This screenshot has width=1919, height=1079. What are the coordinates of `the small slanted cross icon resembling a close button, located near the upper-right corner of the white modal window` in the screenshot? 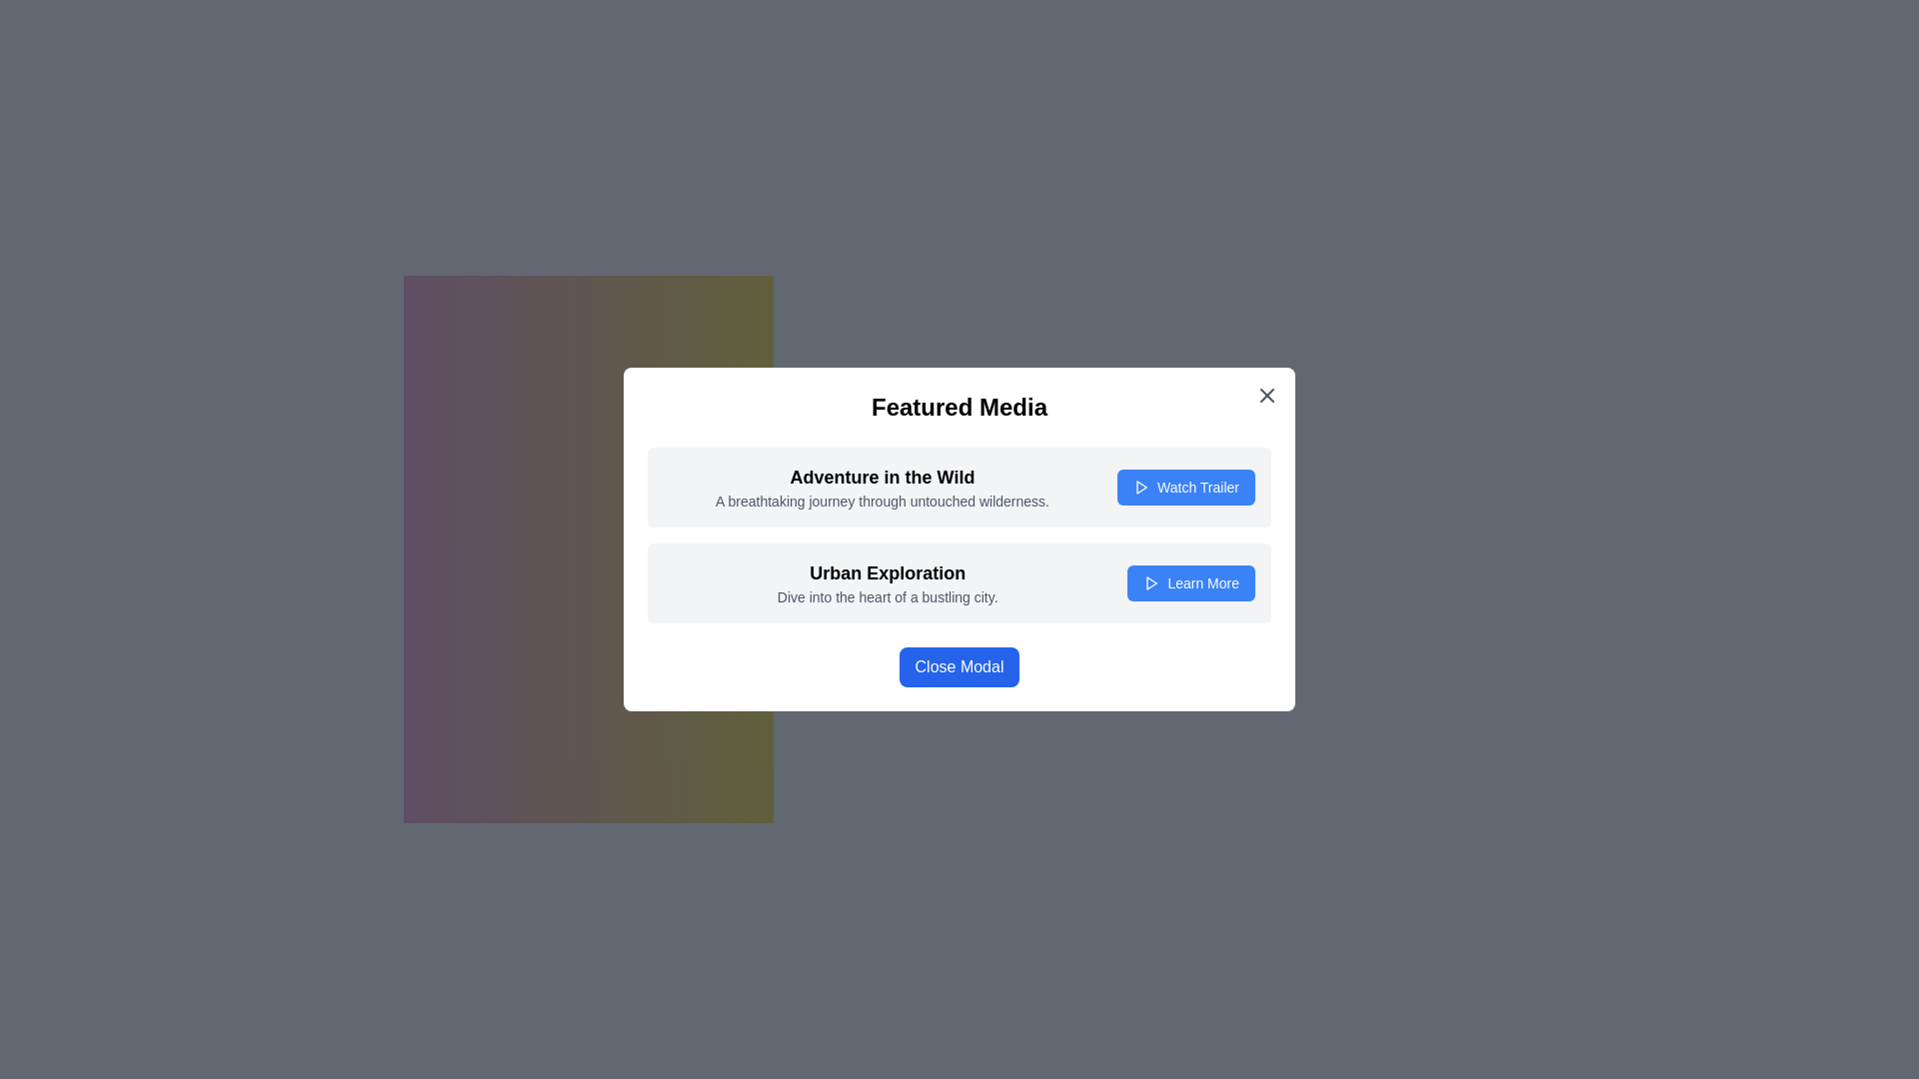 It's located at (1265, 396).